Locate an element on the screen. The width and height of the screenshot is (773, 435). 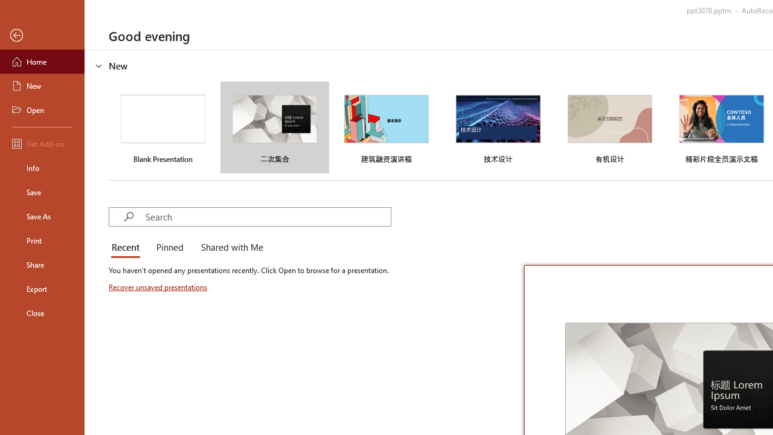
'Shared with Me' is located at coordinates (229, 248).